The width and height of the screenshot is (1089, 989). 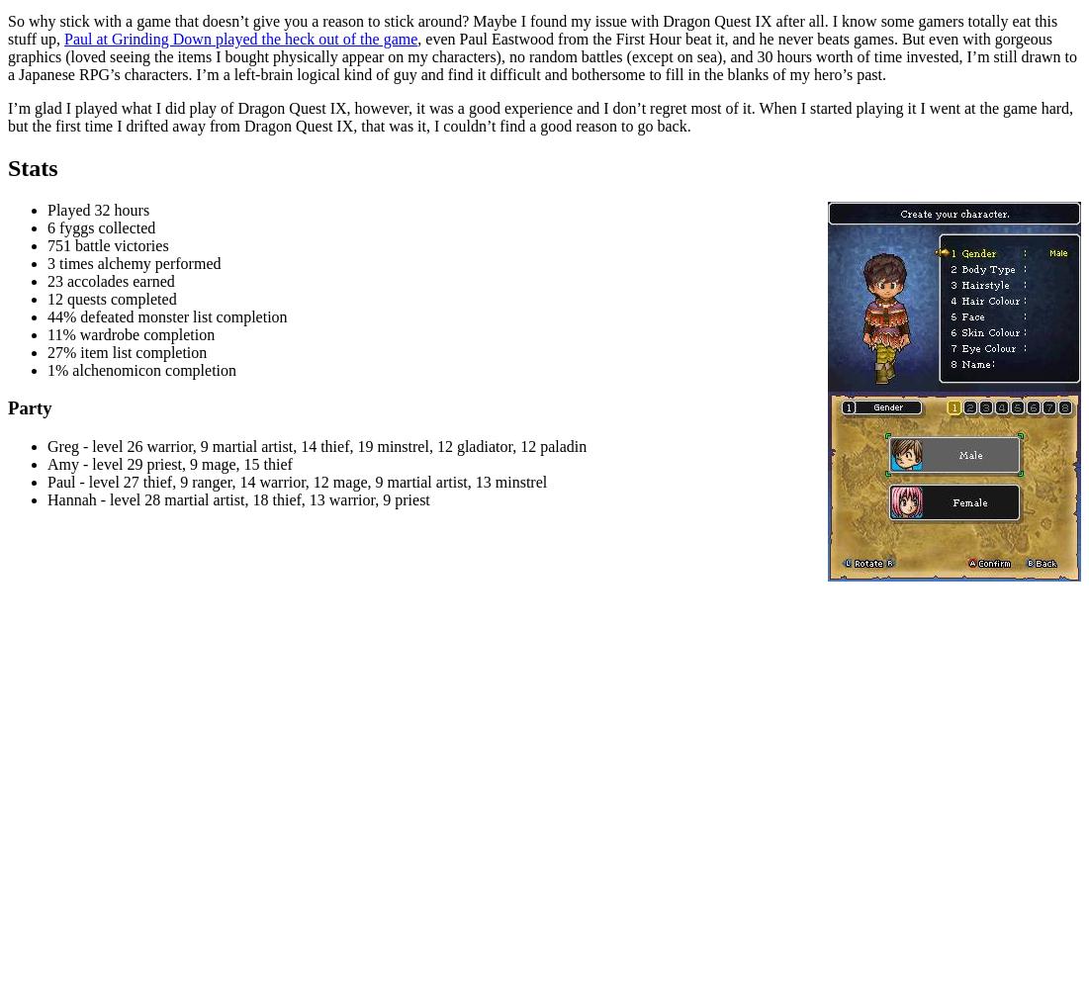 What do you see at coordinates (110, 280) in the screenshot?
I see `'23 accolades earned'` at bounding box center [110, 280].